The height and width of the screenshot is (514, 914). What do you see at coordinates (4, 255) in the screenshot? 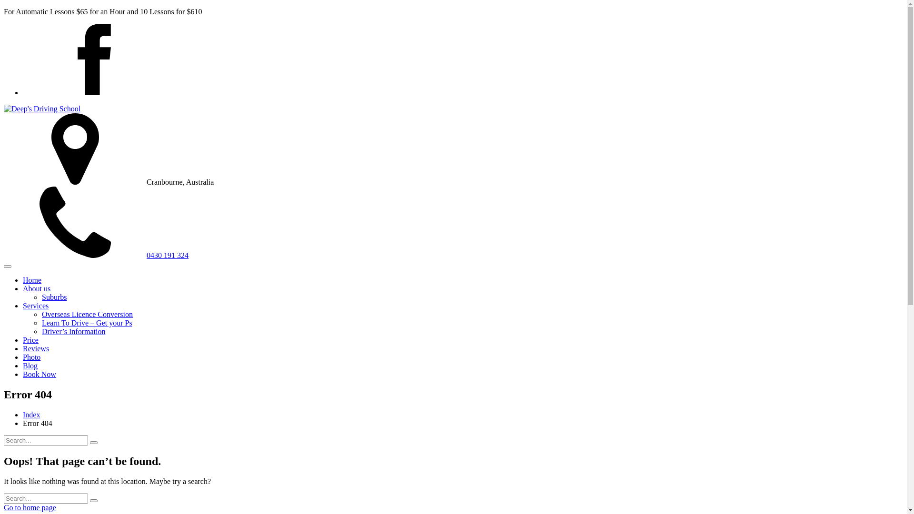
I see `'0430 191 324'` at bounding box center [4, 255].